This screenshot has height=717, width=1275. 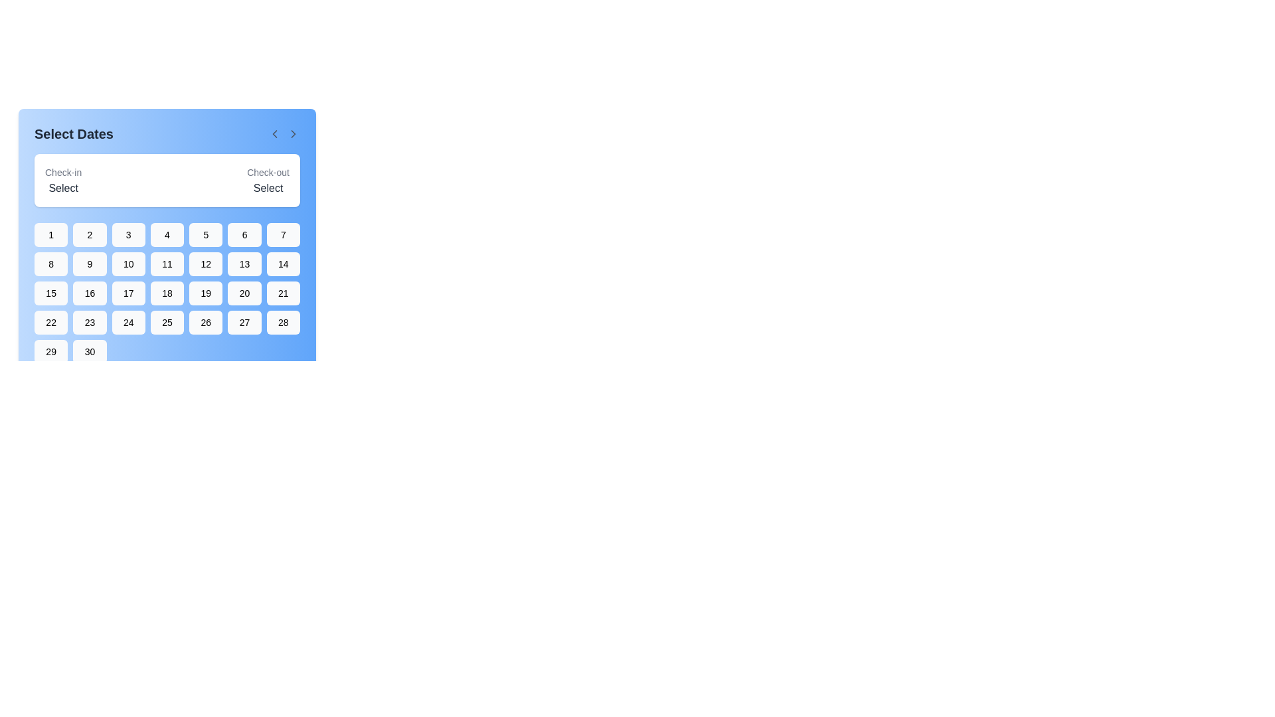 What do you see at coordinates (205, 264) in the screenshot?
I see `the button displaying '12'` at bounding box center [205, 264].